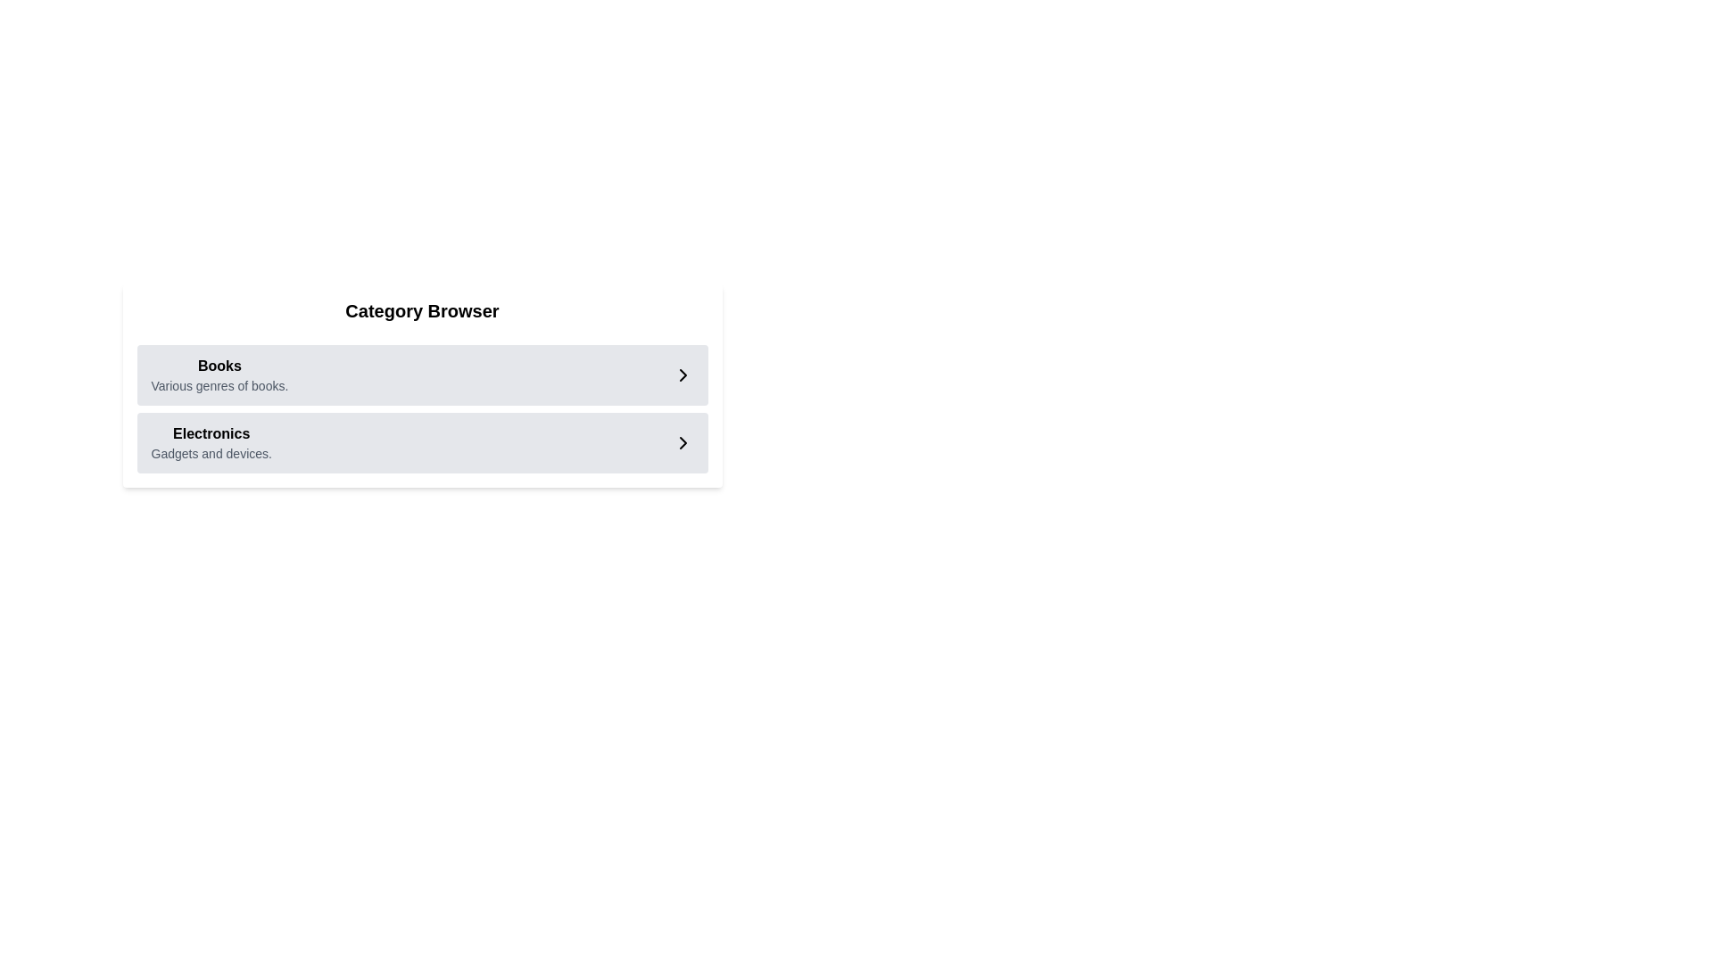 The image size is (1713, 963). Describe the element at coordinates (219, 384) in the screenshot. I see `the descriptive text label providing information about the 'Books' category, which is positioned below the 'Books' text` at that location.